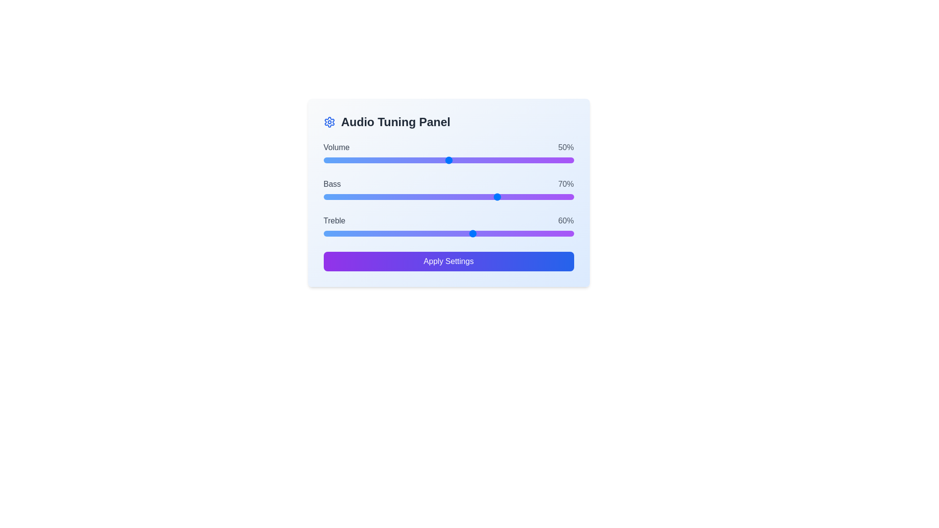 This screenshot has width=939, height=528. What do you see at coordinates (513, 234) in the screenshot?
I see `the slider's value` at bounding box center [513, 234].